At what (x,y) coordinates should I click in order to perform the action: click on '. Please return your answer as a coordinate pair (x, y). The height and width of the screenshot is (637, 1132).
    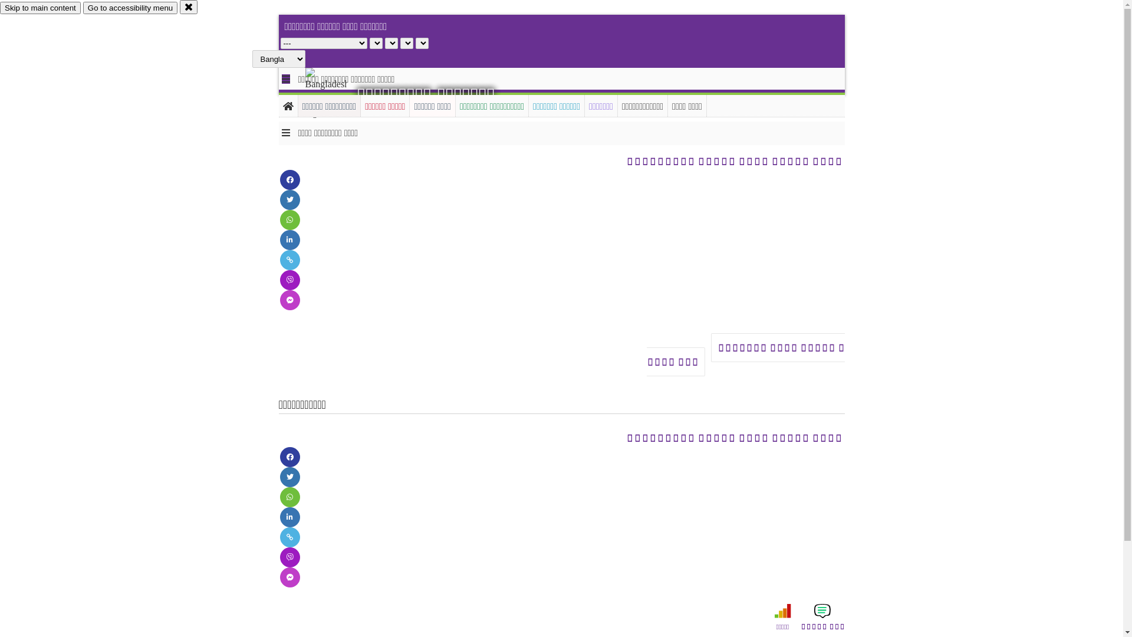
    Looking at the image, I should click on (335, 93).